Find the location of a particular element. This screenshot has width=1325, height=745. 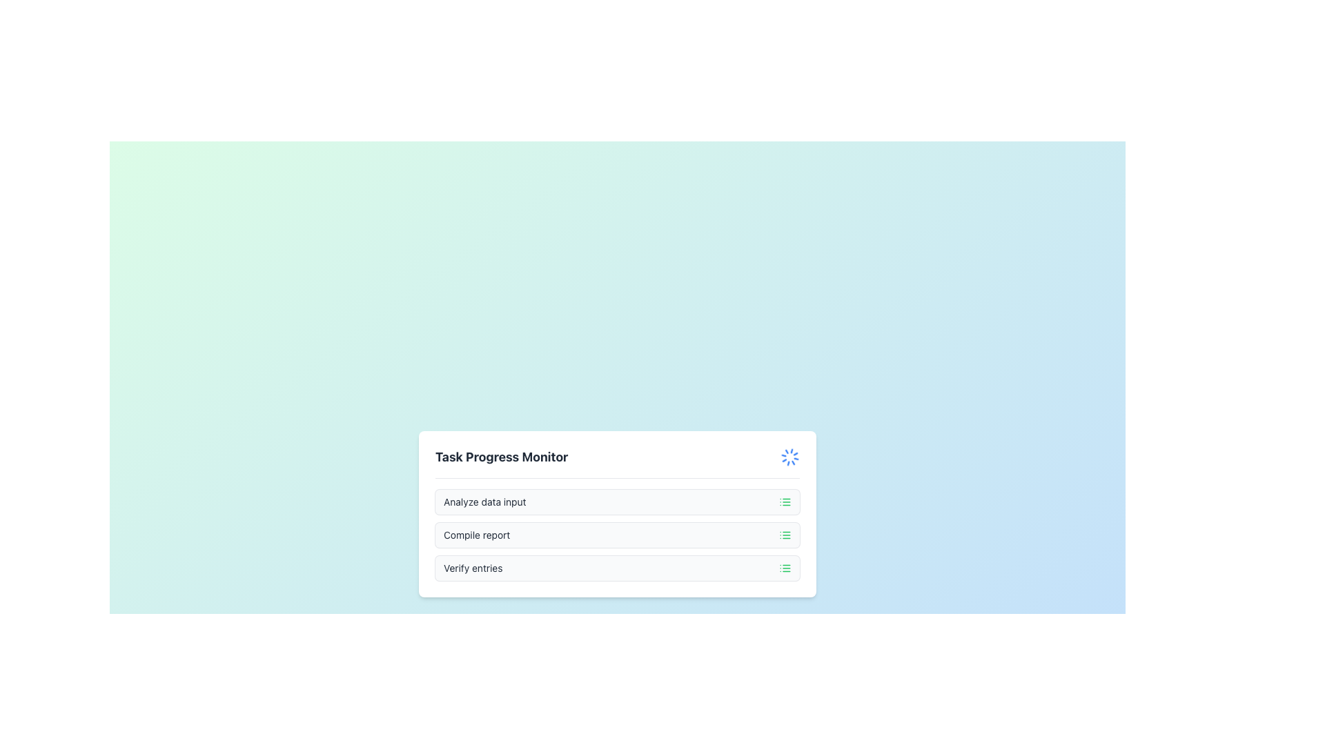

the action indicator icon located at the top-right corner of the 'Analyze data input' group box is located at coordinates (785, 501).